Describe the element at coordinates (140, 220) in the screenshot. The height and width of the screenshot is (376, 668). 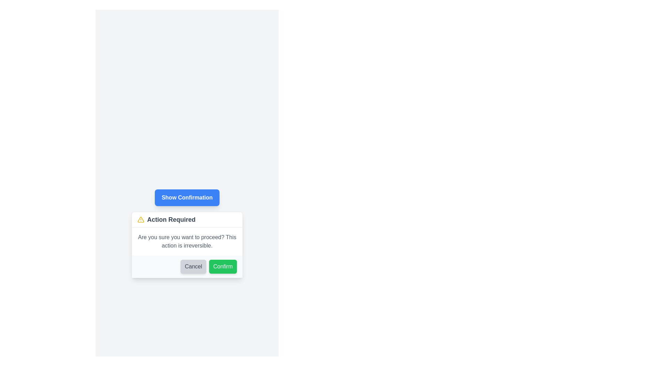
I see `the yellow triangle warning icon located in the modal dialog under the 'Action Required' header, next to the text label` at that location.